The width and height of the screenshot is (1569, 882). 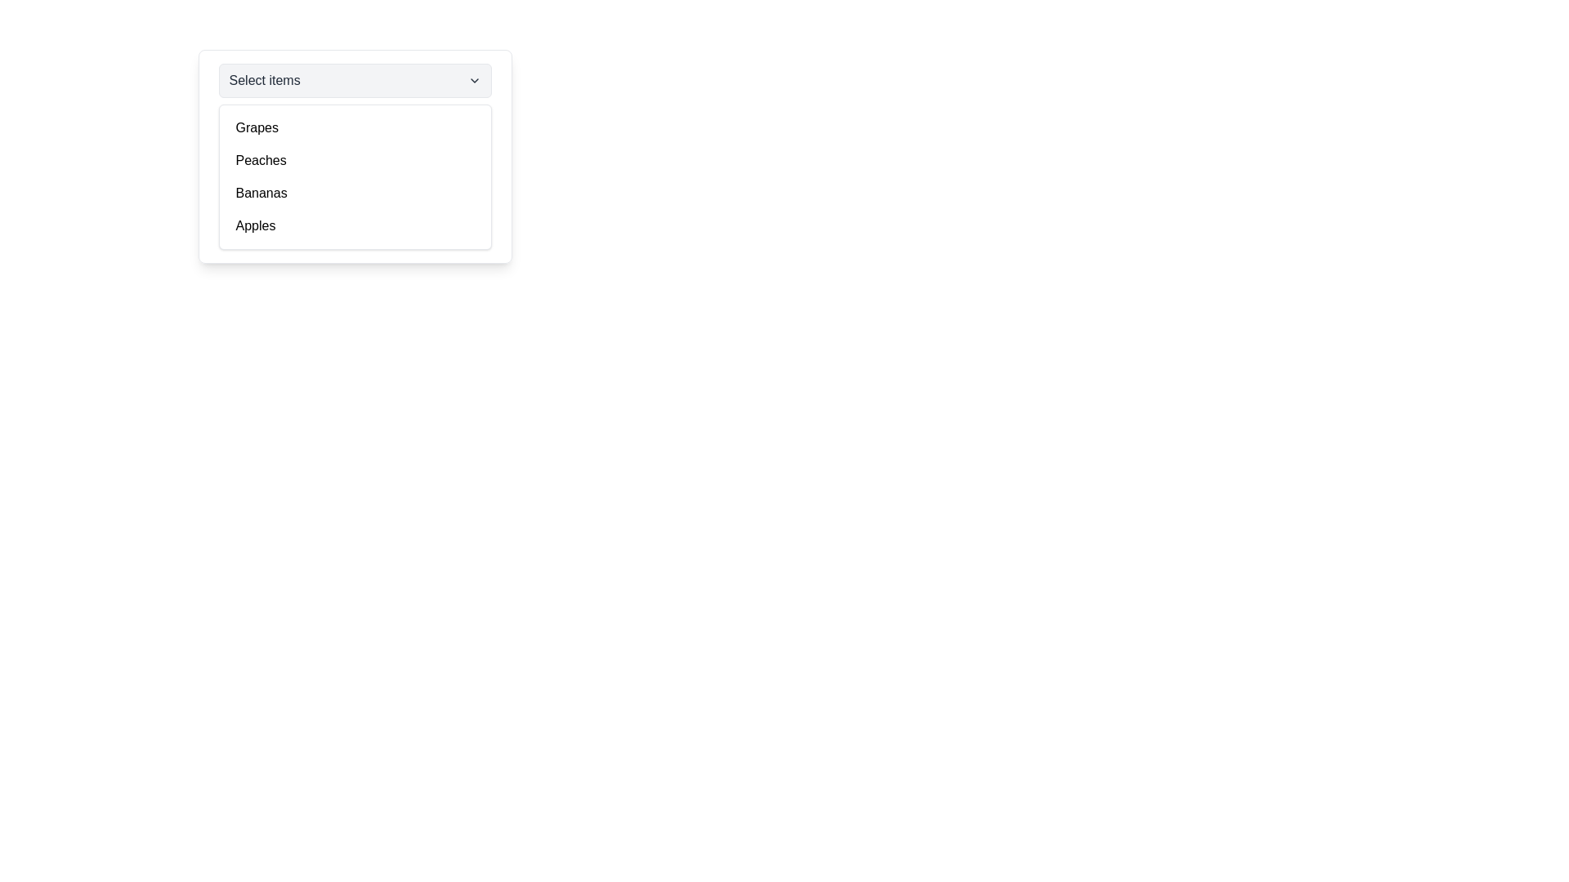 What do you see at coordinates (261, 192) in the screenshot?
I see `to select the 'Bananas' option from the dropdown menu, which is the third item in the list, displayed in a standard font on a white background` at bounding box center [261, 192].